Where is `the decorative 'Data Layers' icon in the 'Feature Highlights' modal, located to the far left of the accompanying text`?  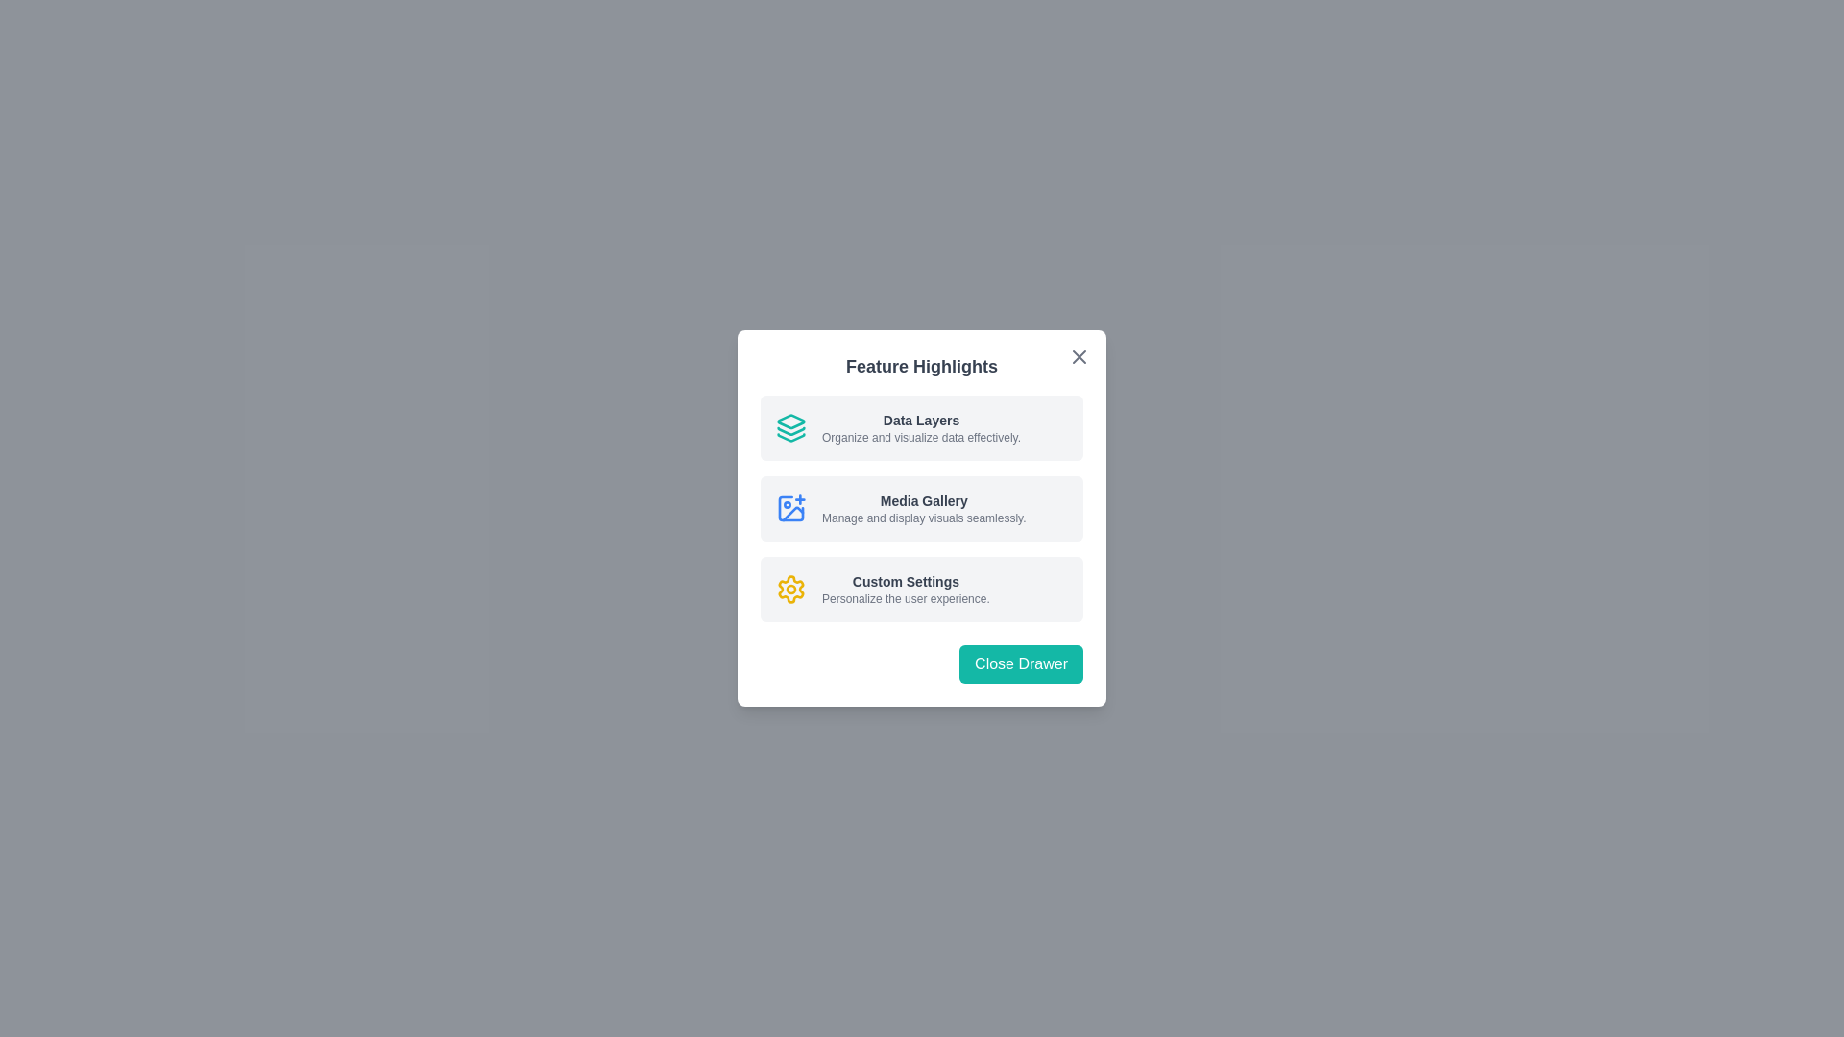
the decorative 'Data Layers' icon in the 'Feature Highlights' modal, located to the far left of the accompanying text is located at coordinates (791, 427).